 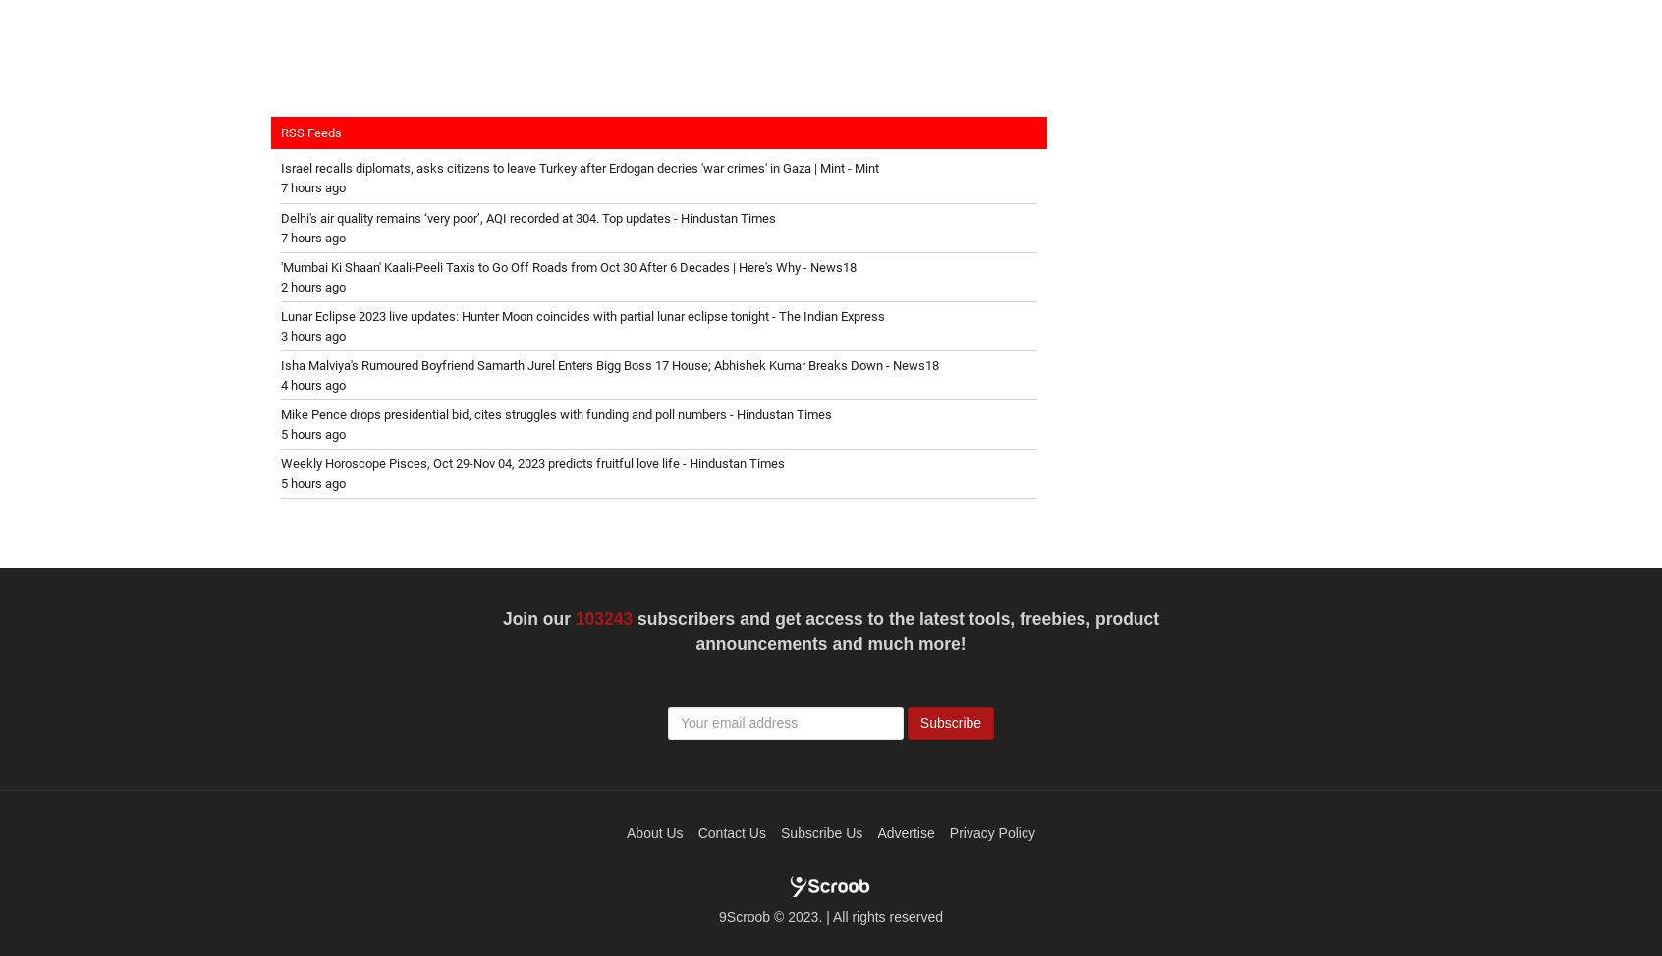 I want to click on 'Join our', so click(x=538, y=617).